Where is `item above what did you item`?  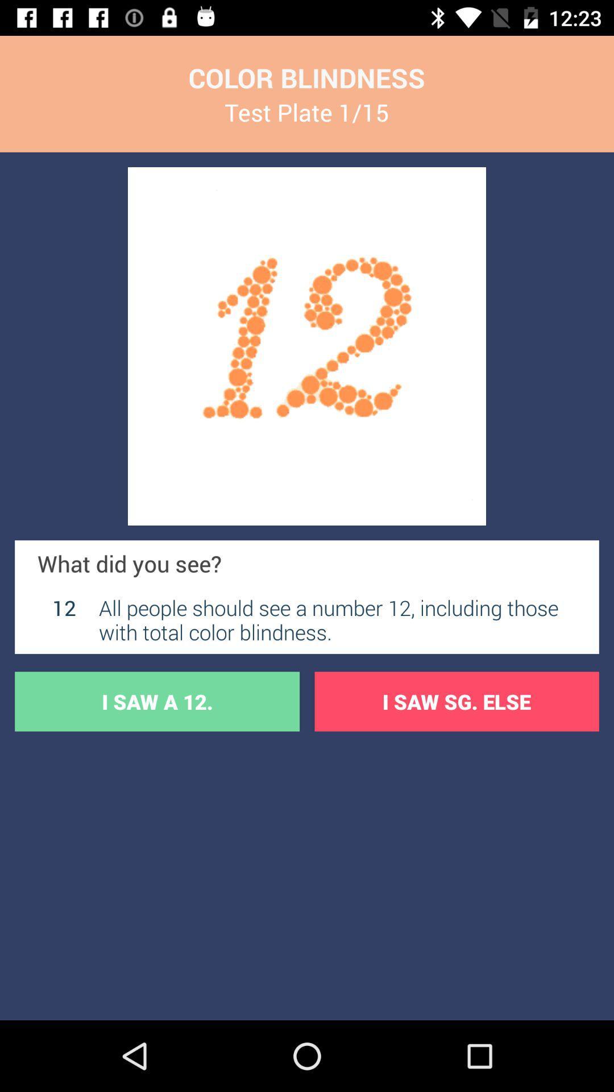 item above what did you item is located at coordinates (307, 346).